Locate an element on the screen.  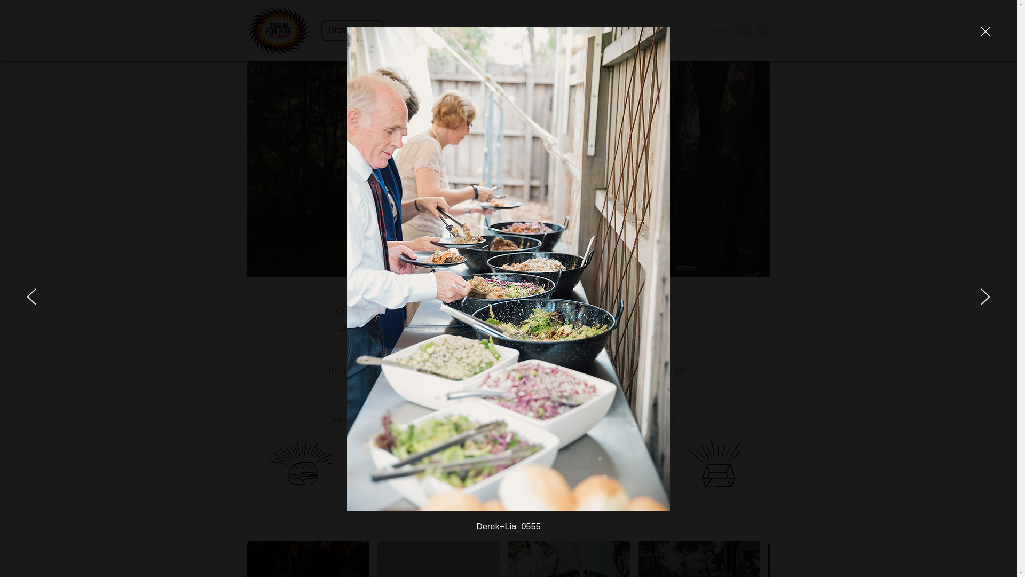
'Our kitchen' is located at coordinates (637, 30).